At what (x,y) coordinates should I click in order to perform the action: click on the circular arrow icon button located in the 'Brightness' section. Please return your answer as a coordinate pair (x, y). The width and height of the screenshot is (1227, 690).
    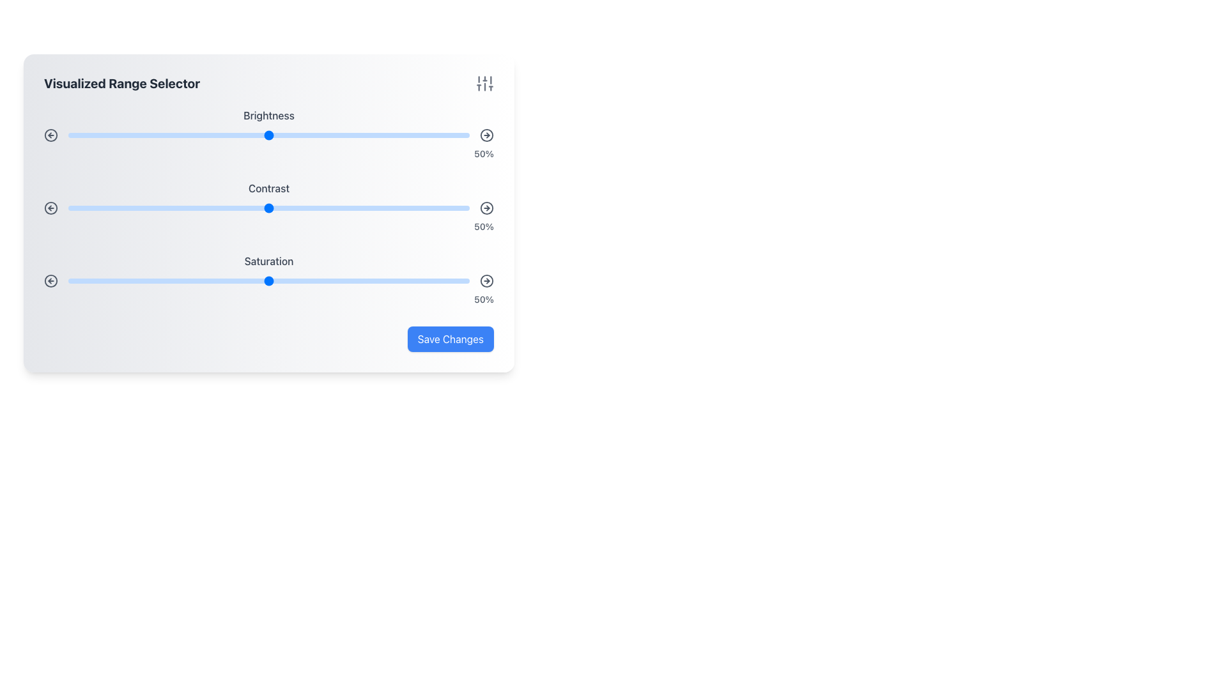
    Looking at the image, I should click on (51, 135).